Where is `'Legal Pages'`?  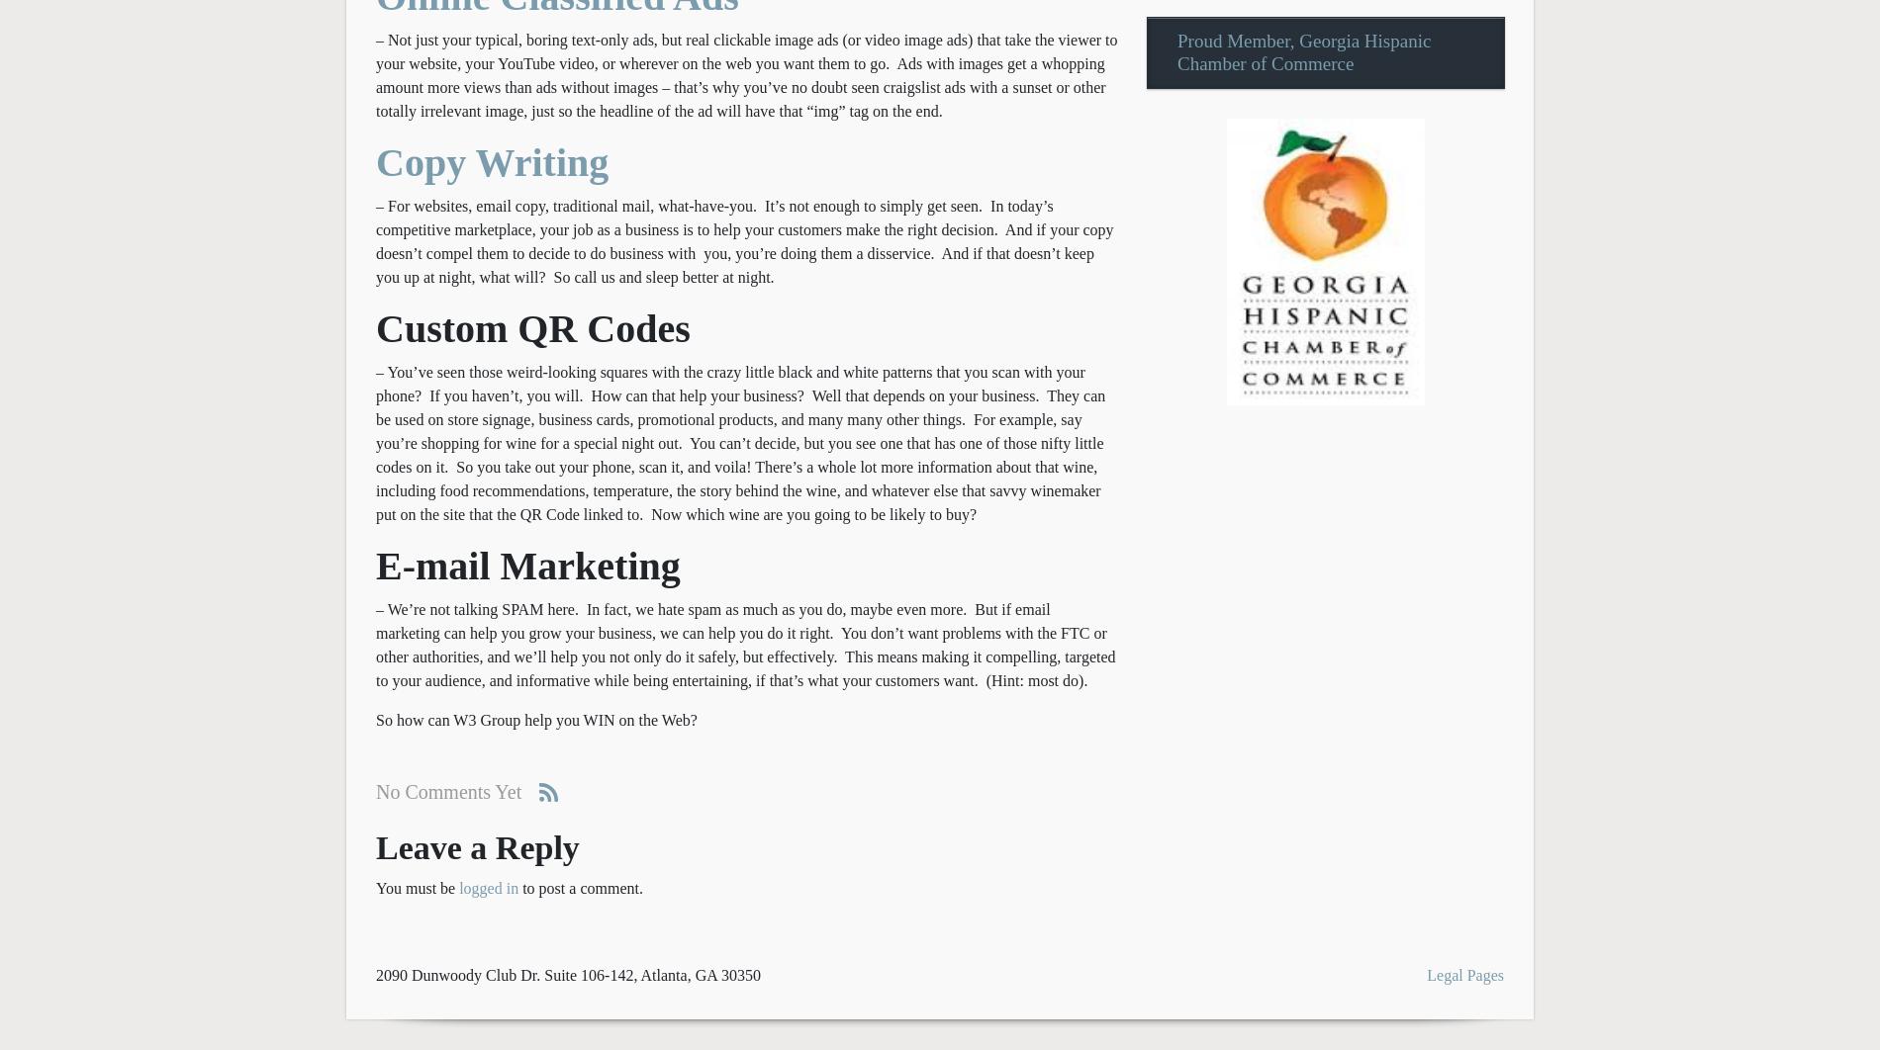
'Legal Pages' is located at coordinates (1426, 974).